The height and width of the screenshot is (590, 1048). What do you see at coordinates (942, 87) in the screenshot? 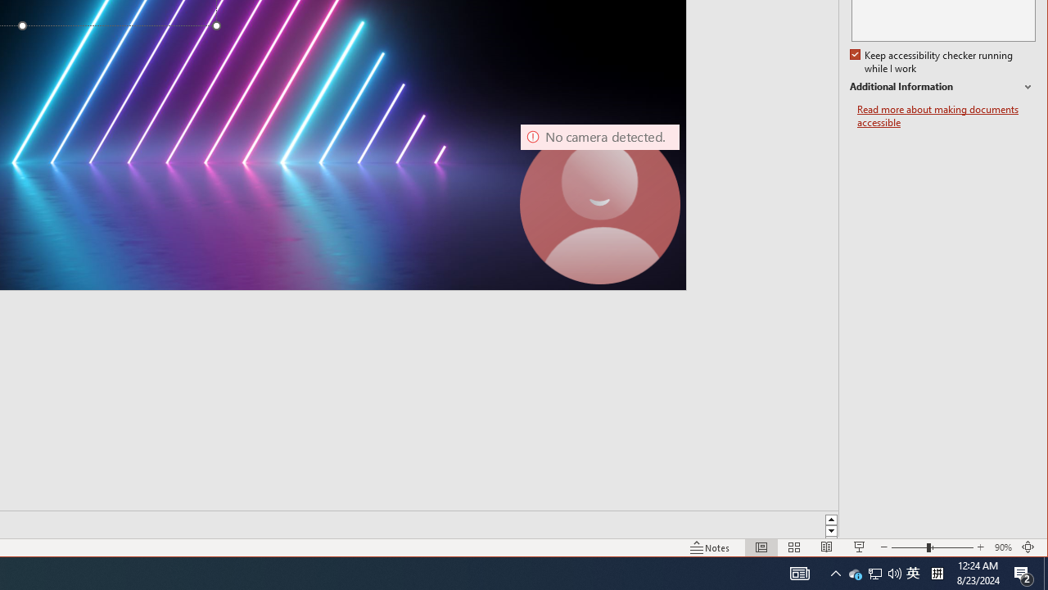
I see `'Additional Information'` at bounding box center [942, 87].